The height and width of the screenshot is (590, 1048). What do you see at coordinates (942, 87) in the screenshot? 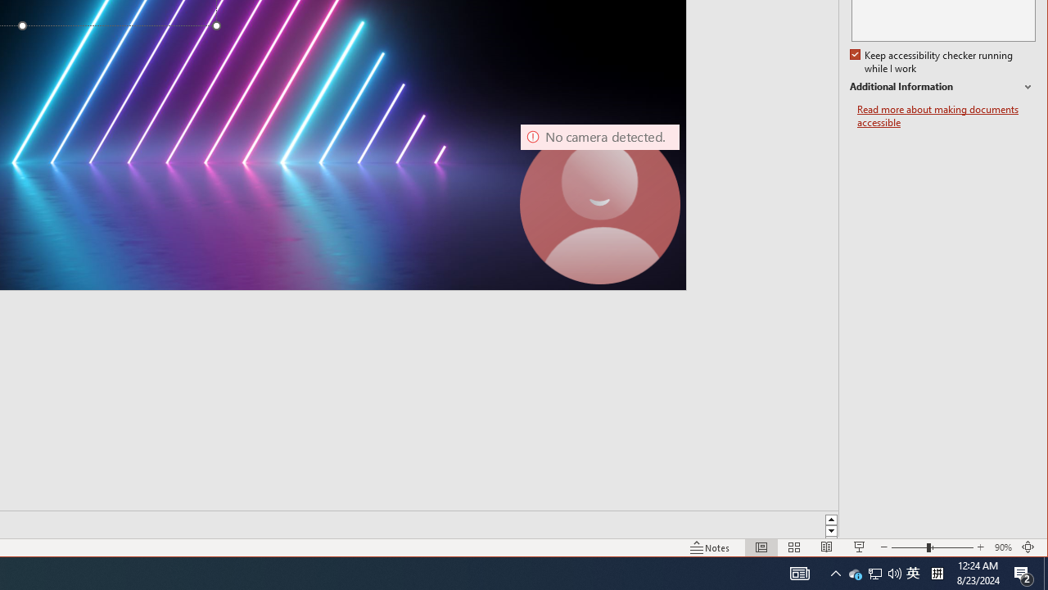
I see `'Additional Information'` at bounding box center [942, 87].